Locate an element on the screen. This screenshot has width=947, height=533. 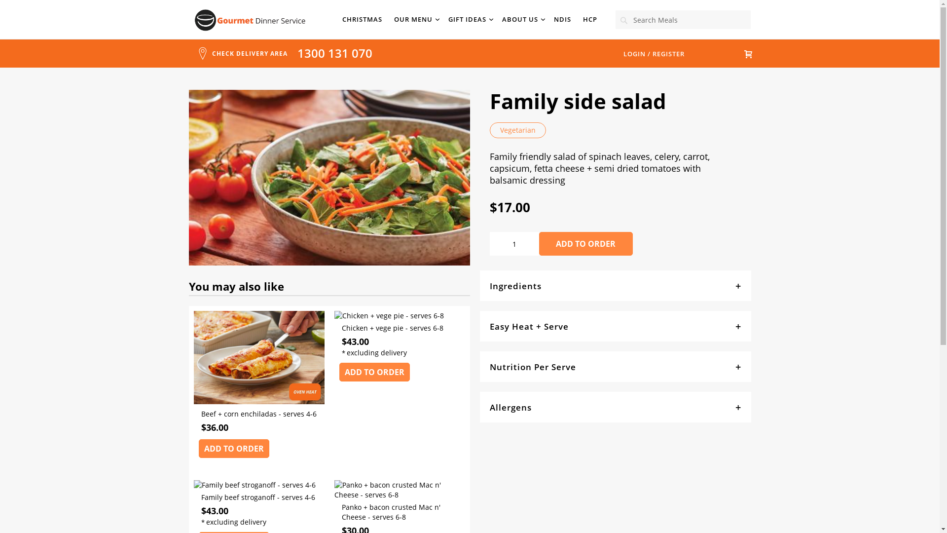
'Beef + corn enchiladas - serves 4-6' is located at coordinates (258, 420).